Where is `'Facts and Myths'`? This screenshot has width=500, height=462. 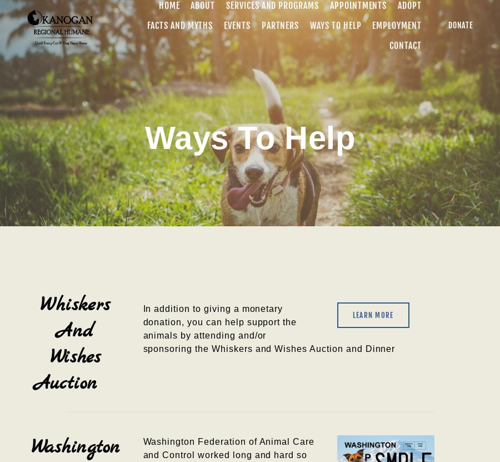
'Facts and Myths' is located at coordinates (179, 25).